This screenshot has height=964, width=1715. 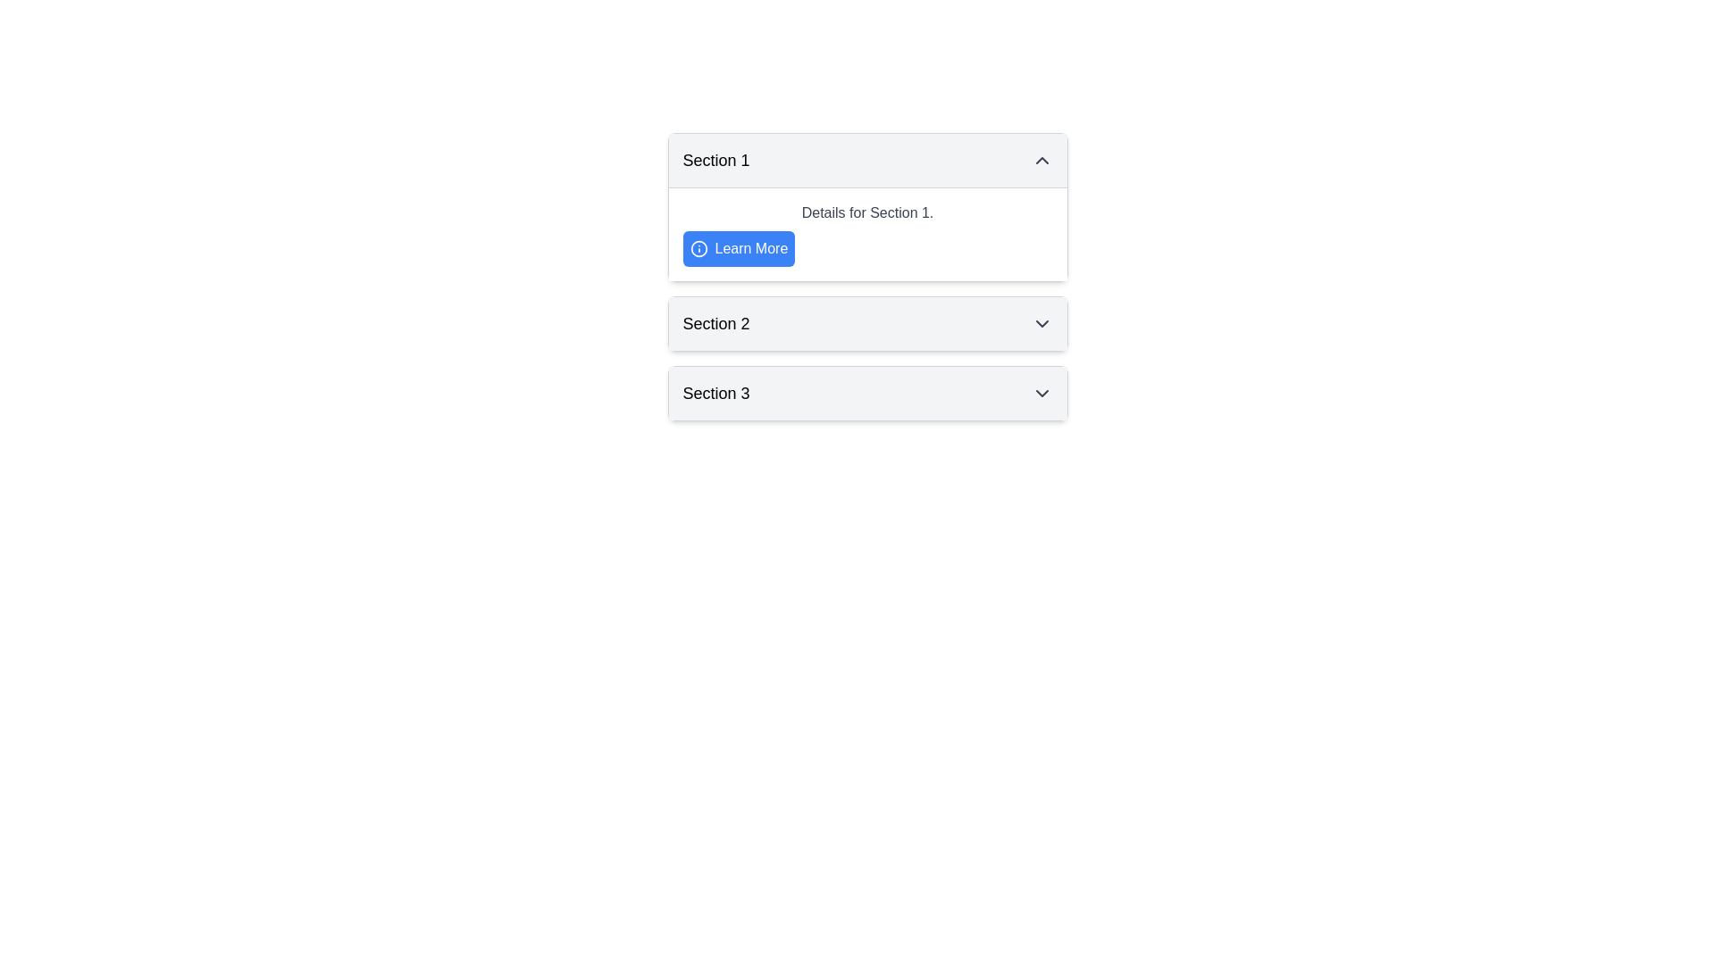 What do you see at coordinates (1042, 392) in the screenshot?
I see `the chevron icon located on the rightmost side of the 'Section 3' header` at bounding box center [1042, 392].